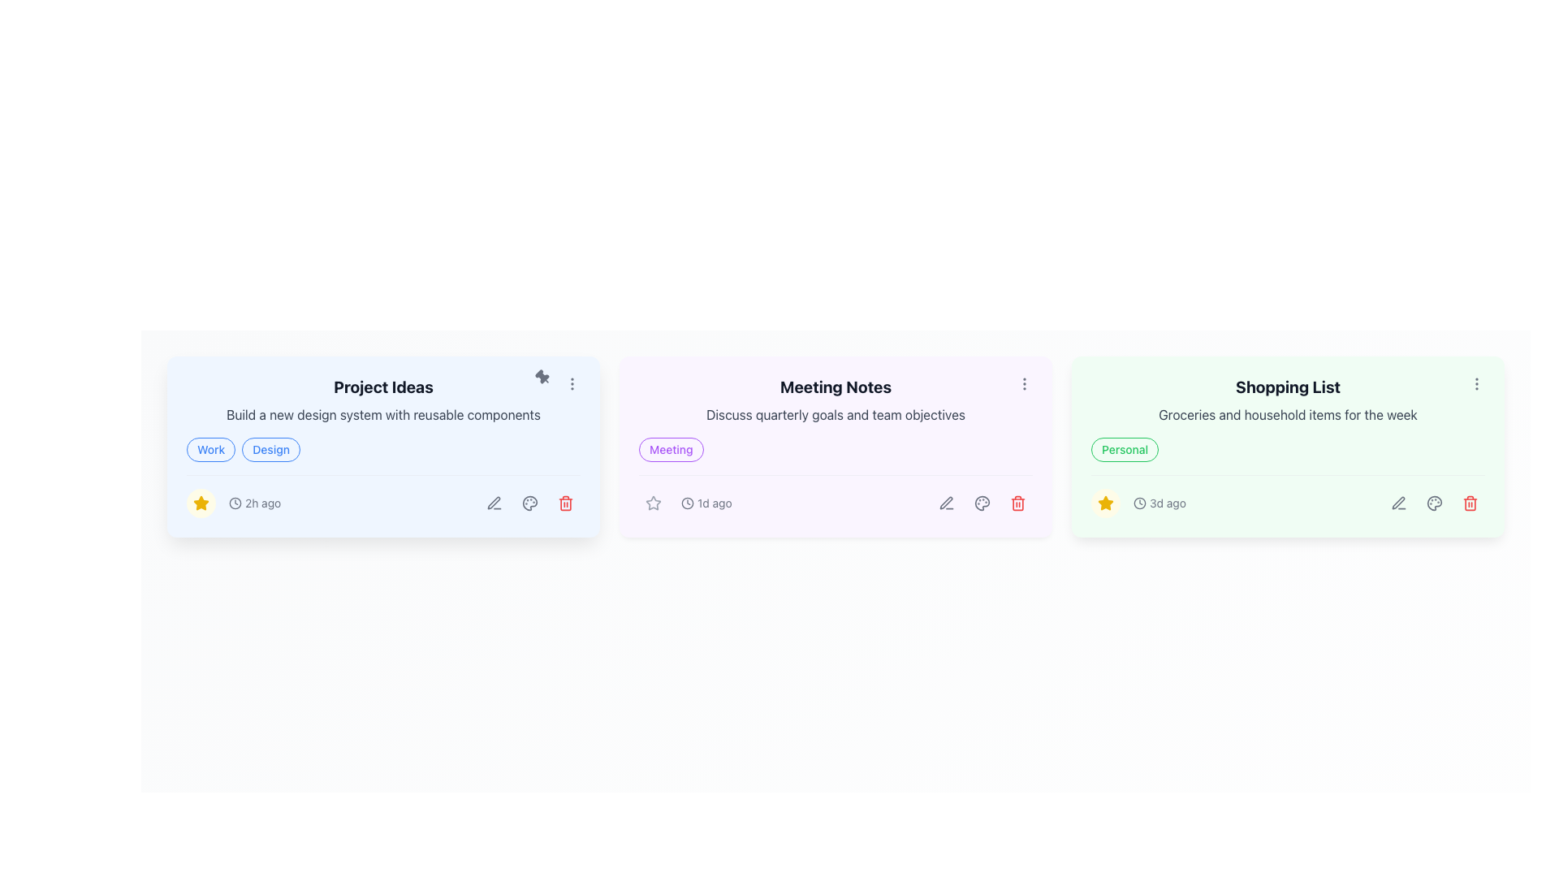 The height and width of the screenshot is (877, 1559). What do you see at coordinates (1017, 503) in the screenshot?
I see `the delete button located at the far right of the interaction options beneath the 'Meeting Notes' card` at bounding box center [1017, 503].